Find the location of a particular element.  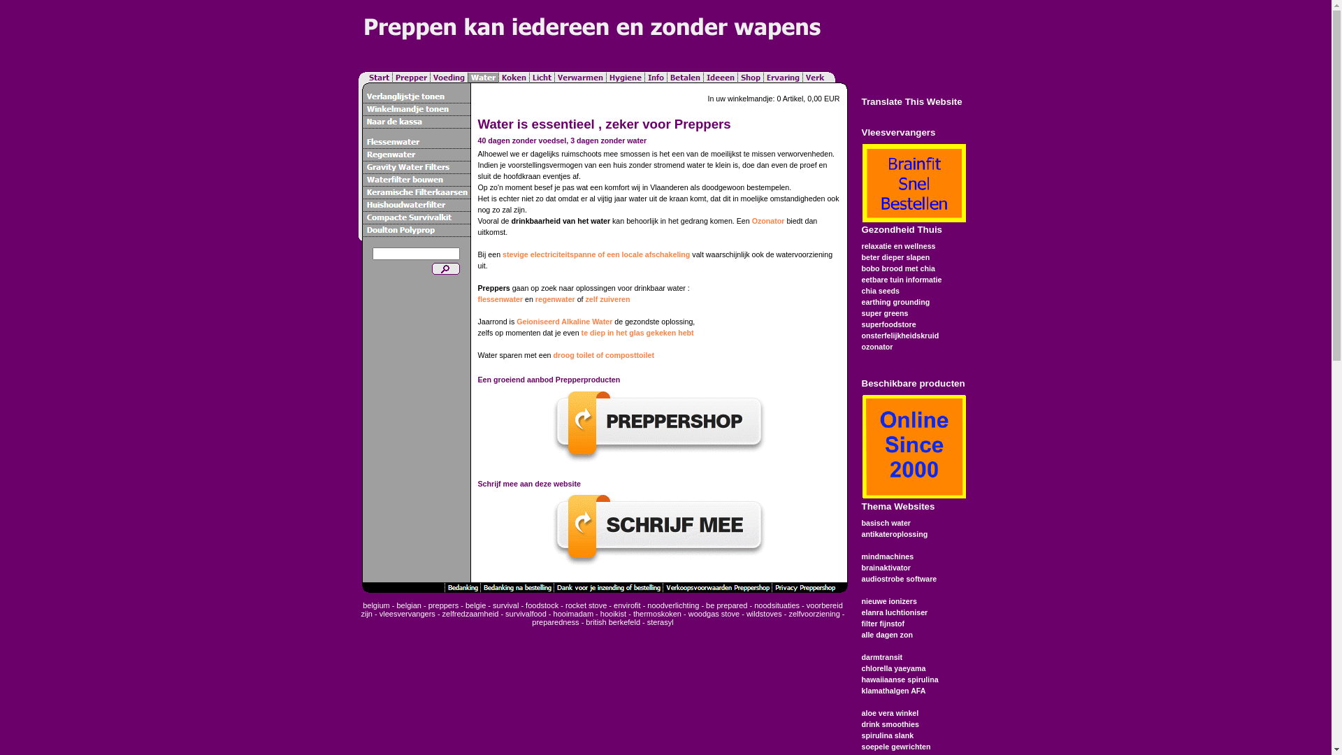

'soepele gewrichten' is located at coordinates (895, 746).